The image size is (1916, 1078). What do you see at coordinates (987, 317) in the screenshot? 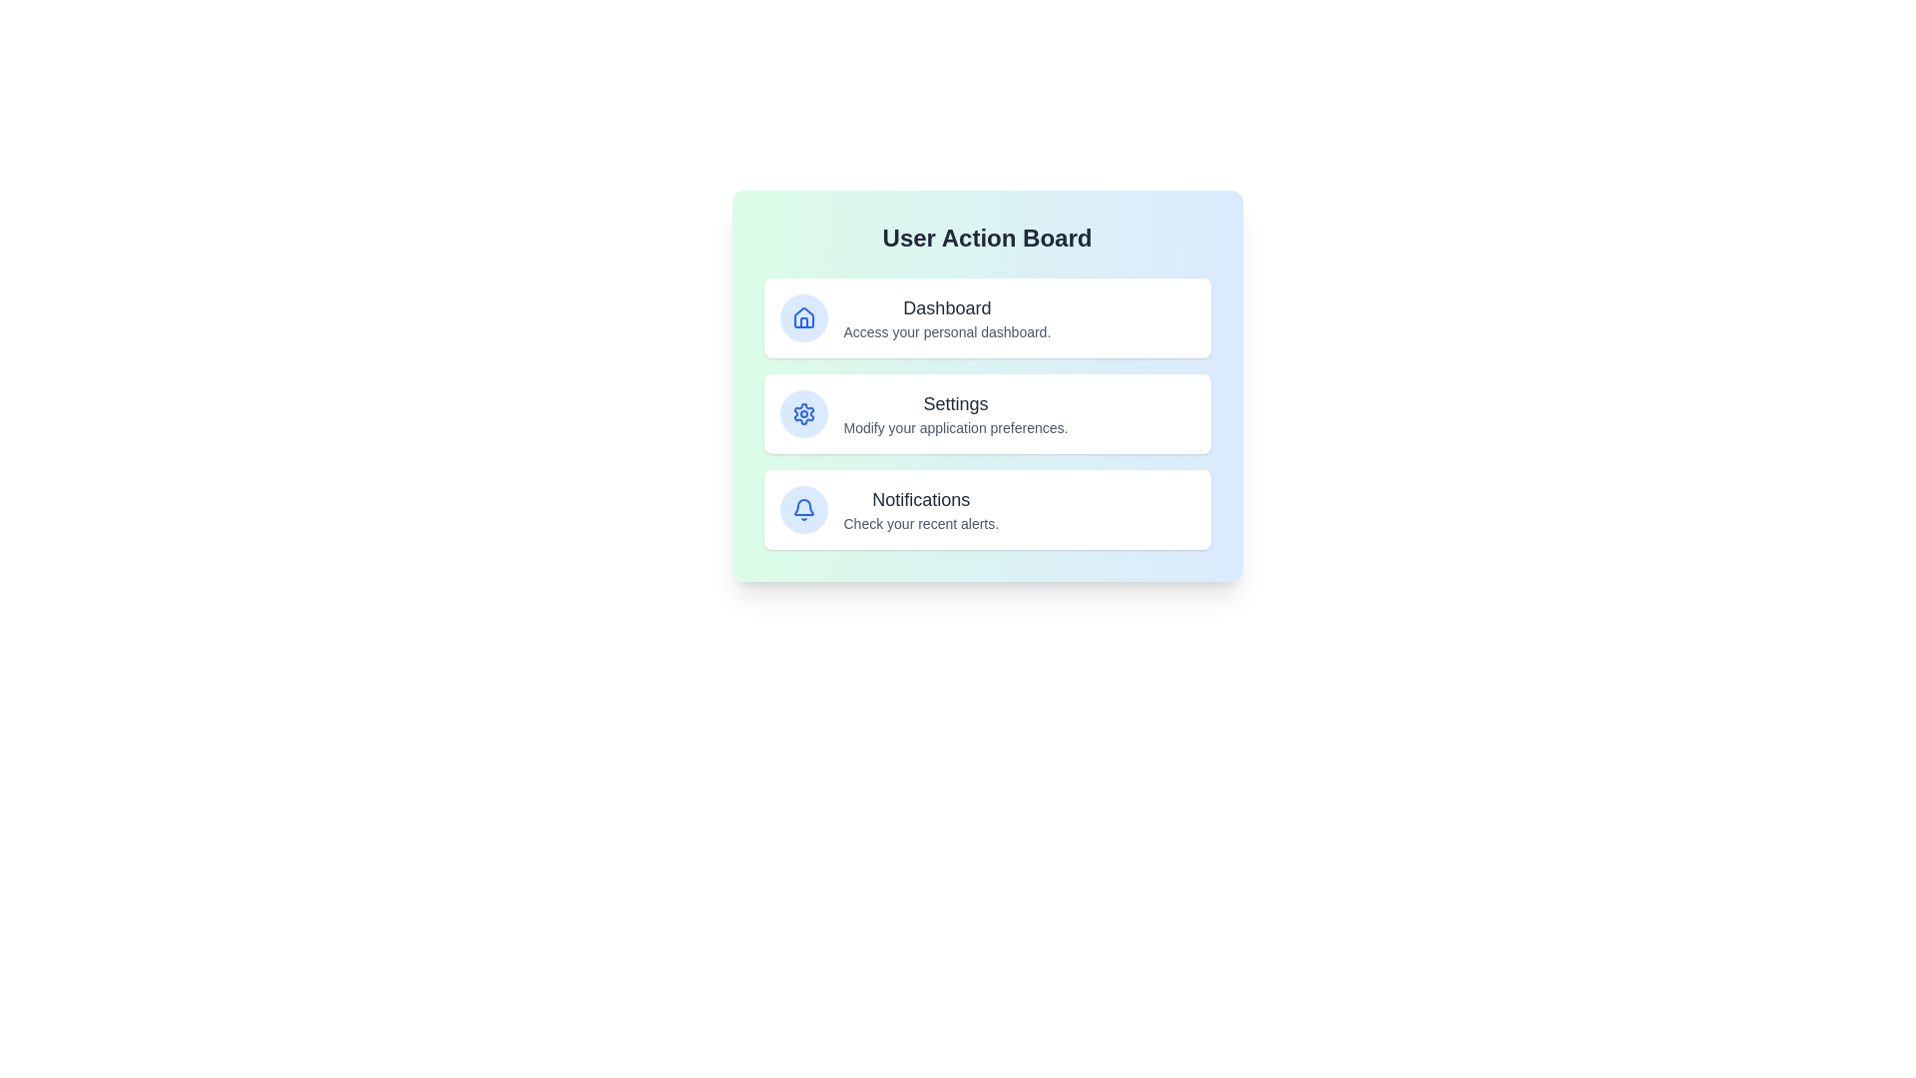
I see `the 'Dashboard' card to navigate to the Dashboard` at bounding box center [987, 317].